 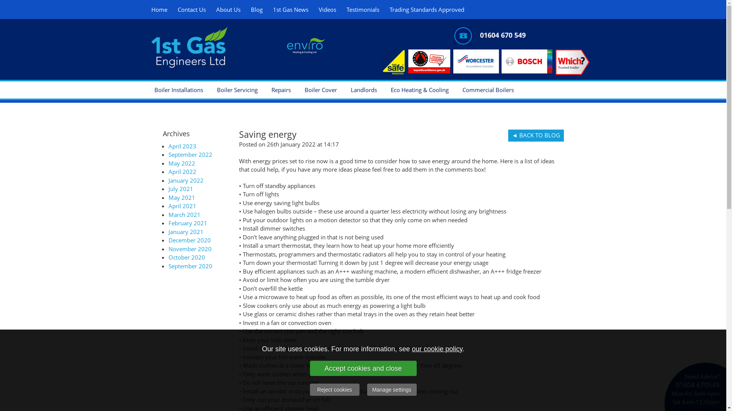 I want to click on 'Trading Standards Approved', so click(x=426, y=9).